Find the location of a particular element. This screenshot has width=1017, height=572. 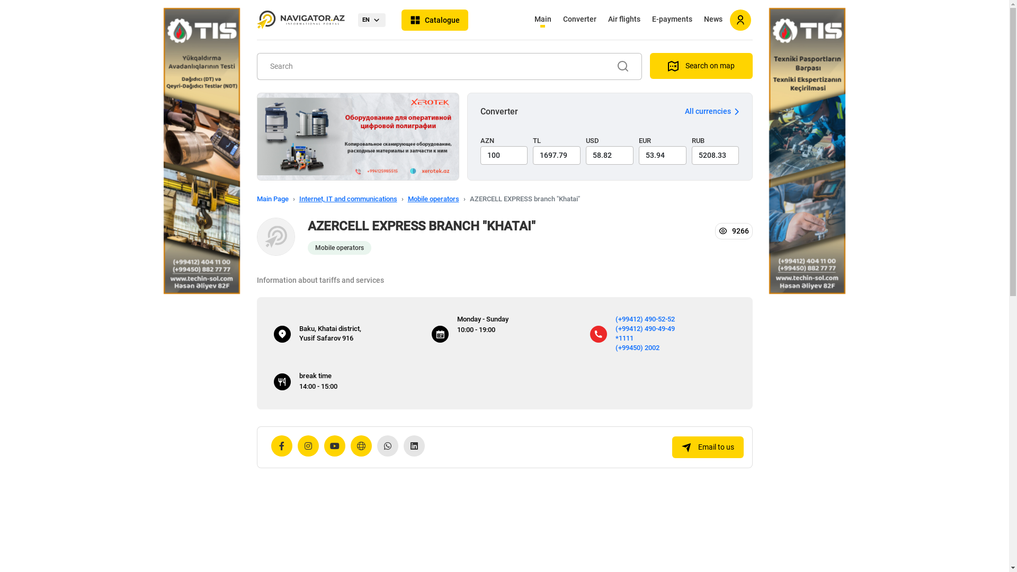

'Main Page' is located at coordinates (272, 199).